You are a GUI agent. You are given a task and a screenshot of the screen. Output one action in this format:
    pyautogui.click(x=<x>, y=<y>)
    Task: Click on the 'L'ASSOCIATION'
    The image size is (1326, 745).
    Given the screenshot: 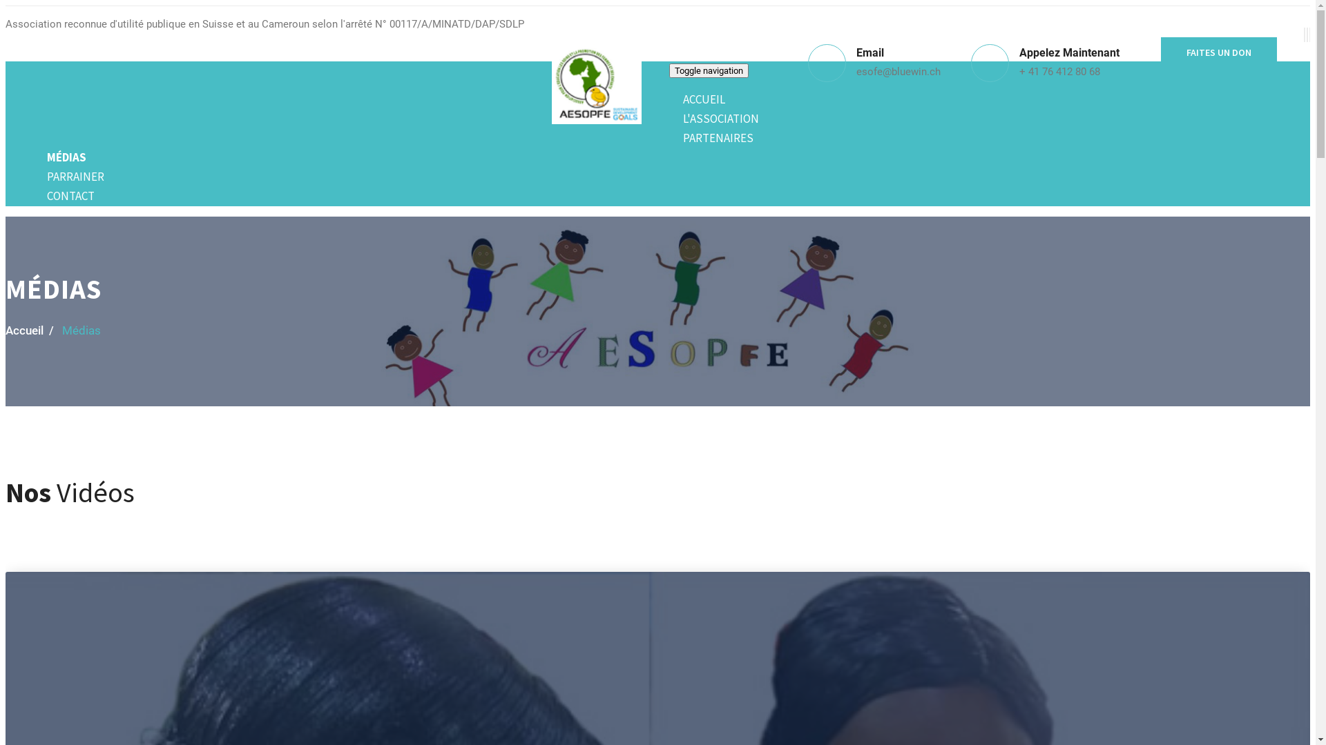 What is the action you would take?
    pyautogui.click(x=720, y=118)
    